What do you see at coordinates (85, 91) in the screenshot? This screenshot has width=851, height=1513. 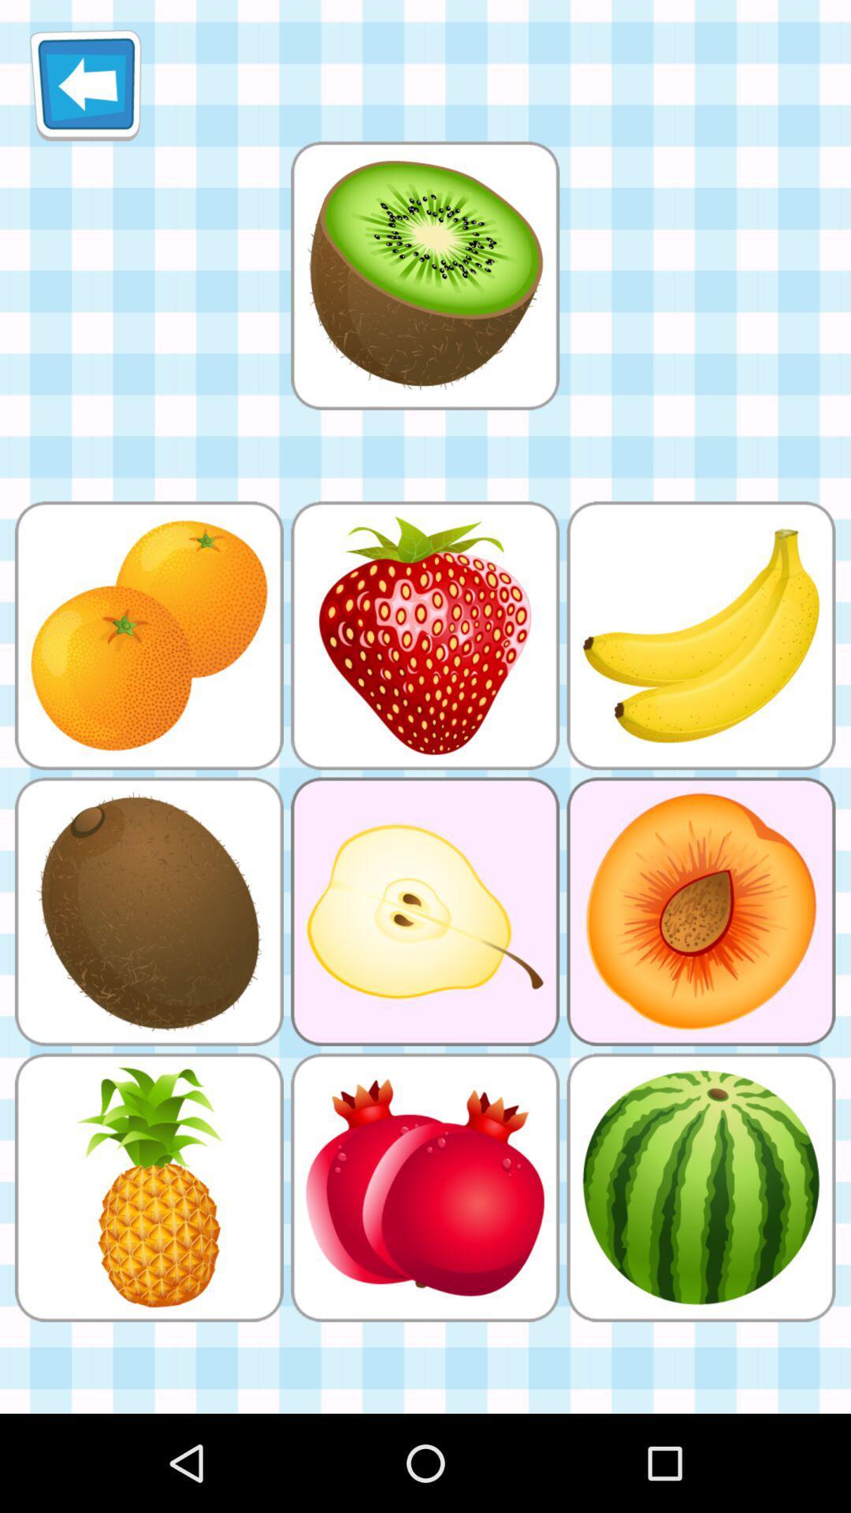 I see `the arrow_backward icon` at bounding box center [85, 91].